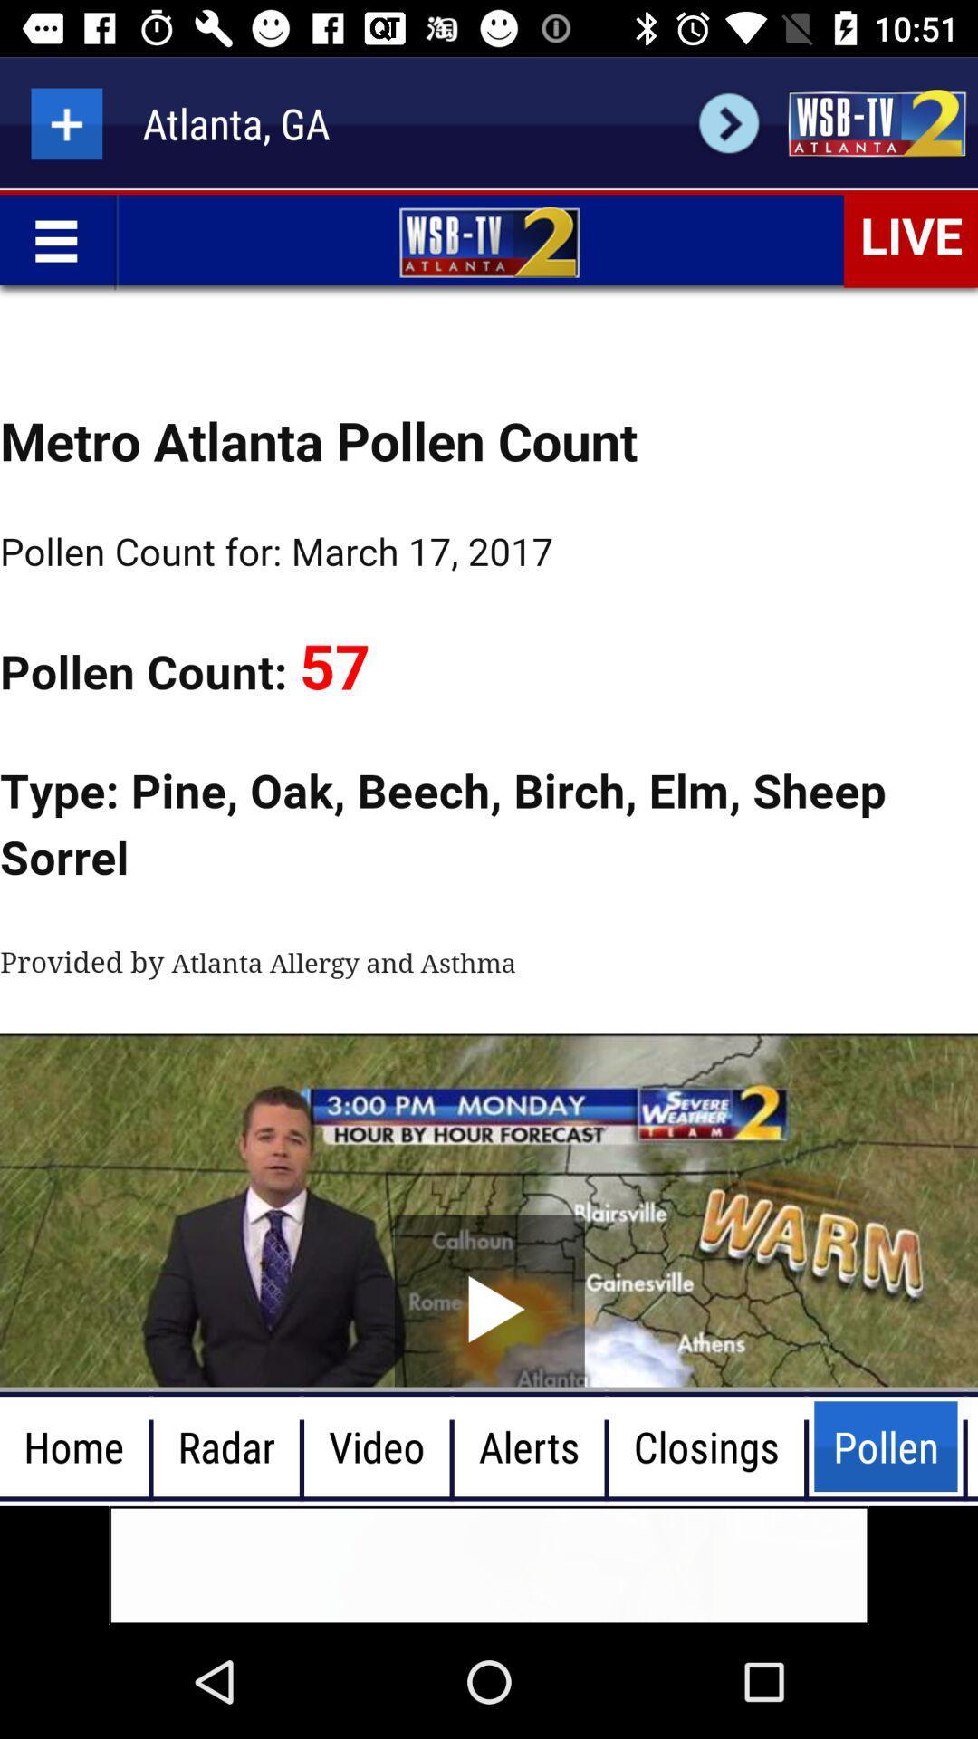 The image size is (978, 1739). I want to click on homepage, so click(876, 122).